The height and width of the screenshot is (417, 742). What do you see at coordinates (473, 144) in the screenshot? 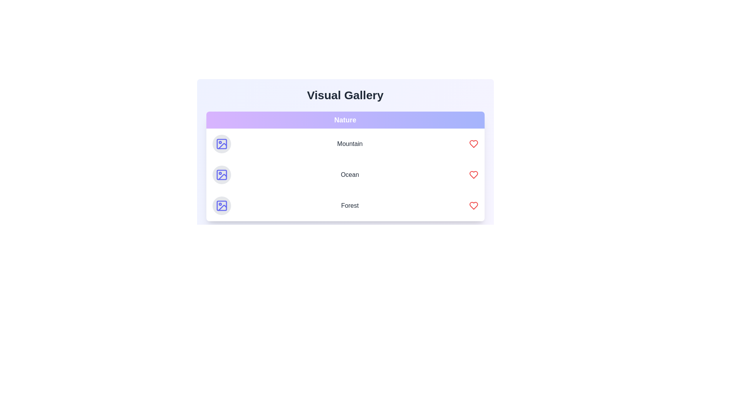
I see `the heart icon corresponding to the Mountain to favorite it` at bounding box center [473, 144].